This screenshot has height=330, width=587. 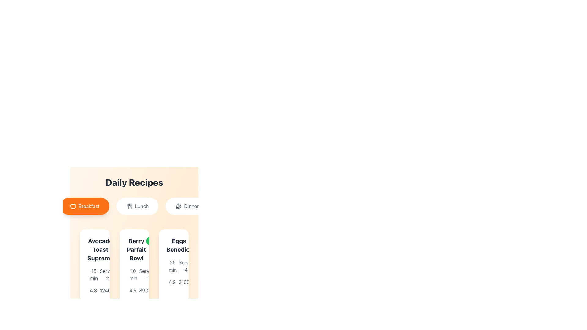 I want to click on the apple-shaped icon filled with white and outlined in bold orange, located inside the 'Breakfast' button on the leftmost side of similar buttons, so click(x=73, y=206).